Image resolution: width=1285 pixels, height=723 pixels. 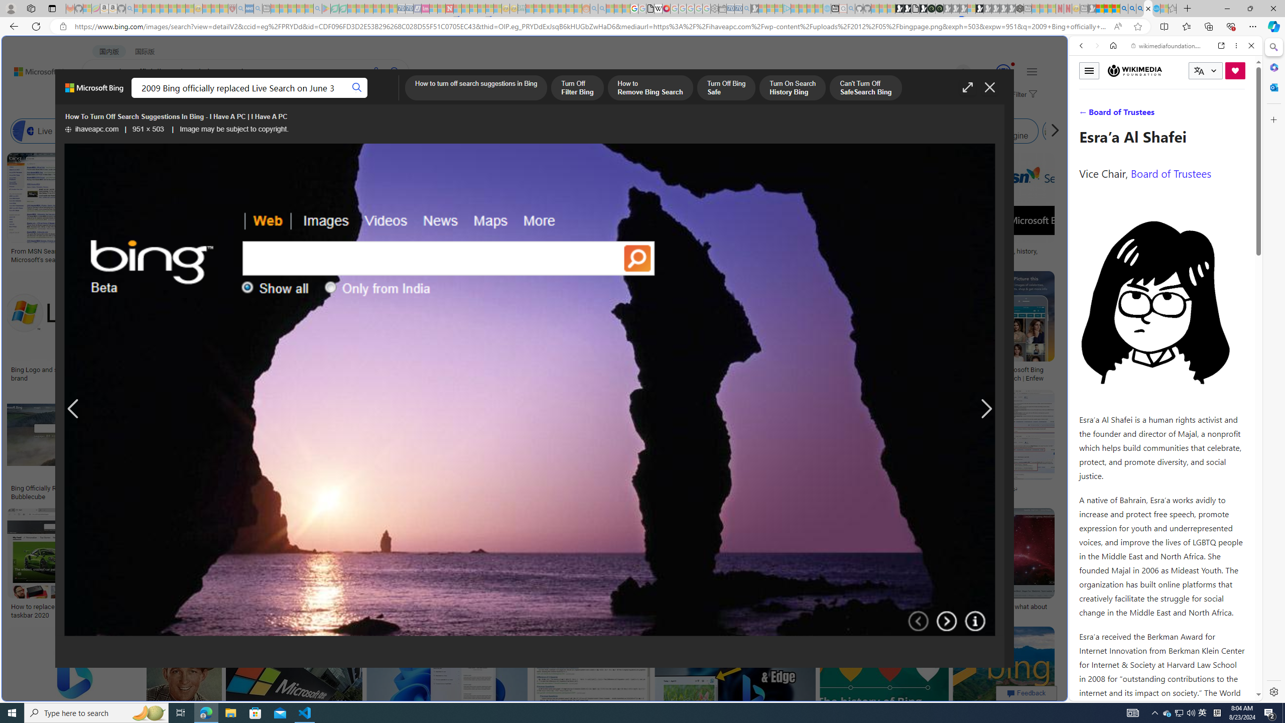 I want to click on 'Bing: rebranding search: idsgn (a design blog)', so click(x=617, y=256).